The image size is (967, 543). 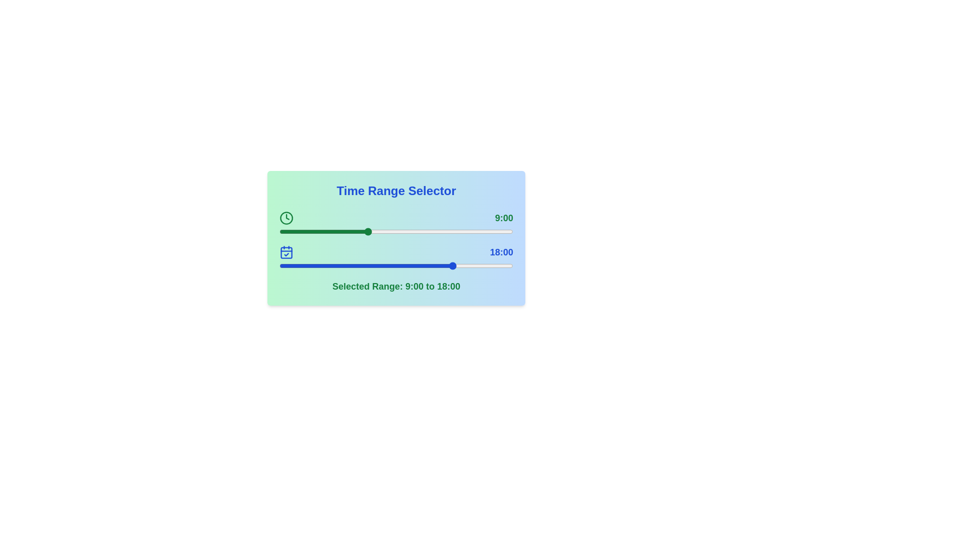 What do you see at coordinates (289, 265) in the screenshot?
I see `time range` at bounding box center [289, 265].